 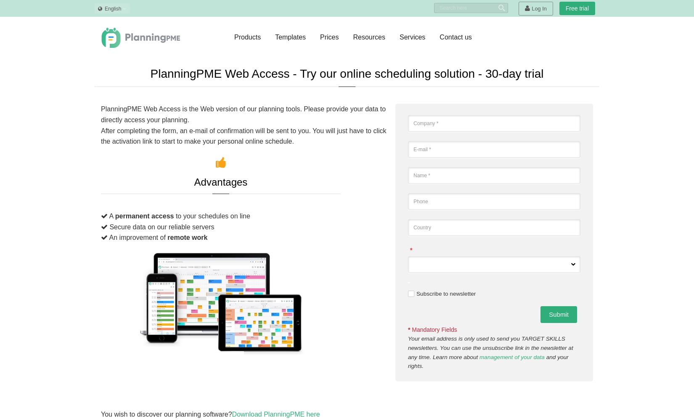 What do you see at coordinates (101, 135) in the screenshot?
I see `'After completing the form, an e-mail of confirmation will be sent to you. You will just have to click the activation link to start to make your personal online schedule.'` at bounding box center [101, 135].